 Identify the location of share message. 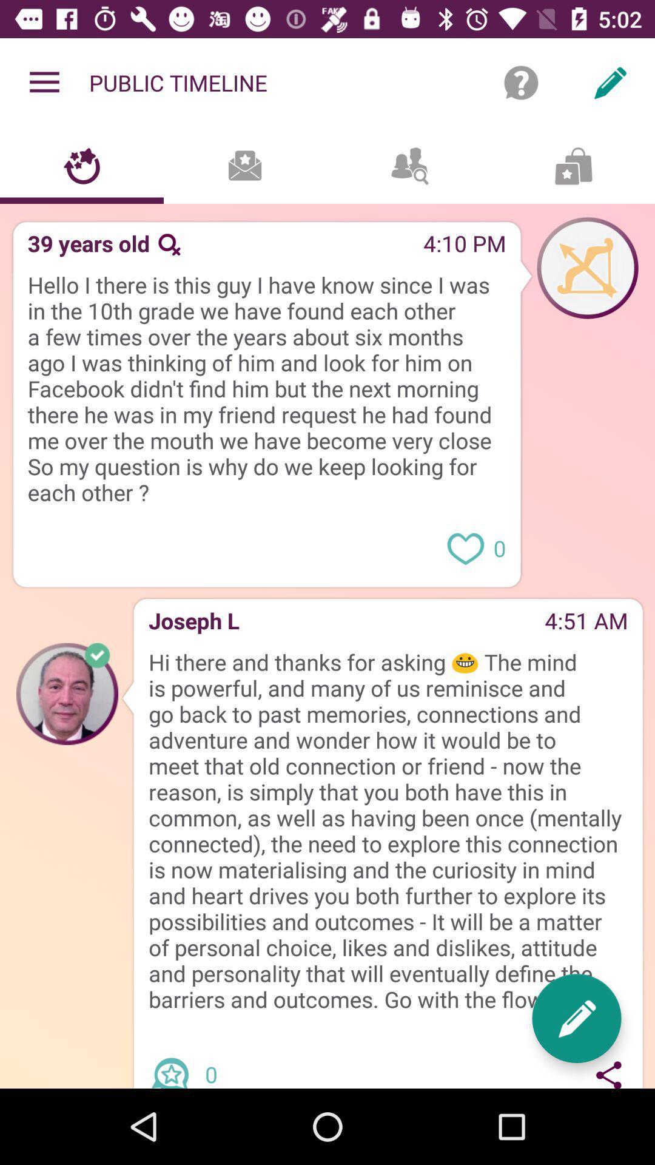
(609, 1072).